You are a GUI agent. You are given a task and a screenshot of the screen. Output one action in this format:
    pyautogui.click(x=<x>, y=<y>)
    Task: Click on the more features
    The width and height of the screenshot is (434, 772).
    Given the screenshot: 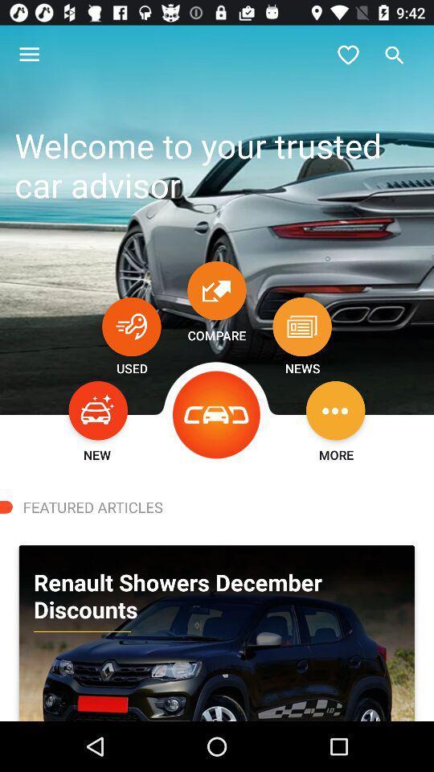 What is the action you would take?
    pyautogui.click(x=334, y=409)
    